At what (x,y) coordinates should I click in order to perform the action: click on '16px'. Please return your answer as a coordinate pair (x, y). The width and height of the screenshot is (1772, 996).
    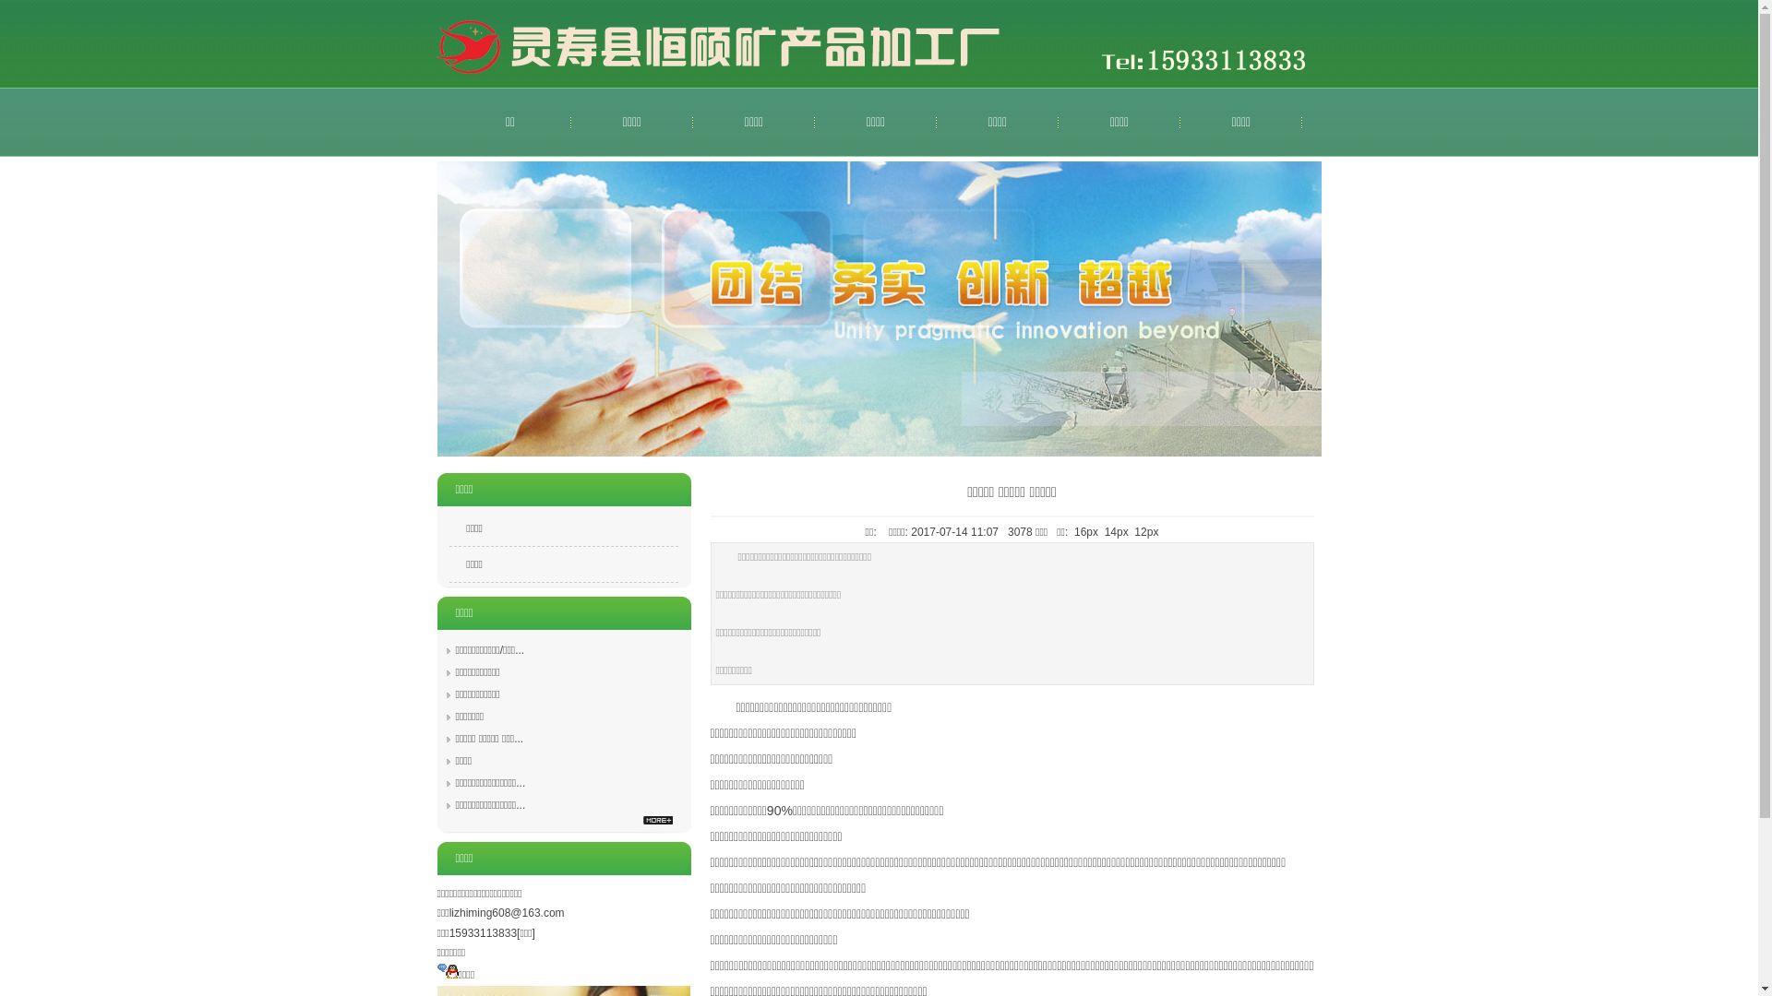
    Looking at the image, I should click on (1085, 532).